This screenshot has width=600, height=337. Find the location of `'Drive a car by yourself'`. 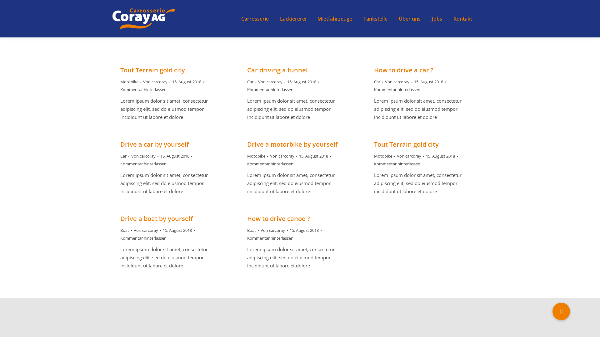

'Drive a car by yourself' is located at coordinates (154, 144).